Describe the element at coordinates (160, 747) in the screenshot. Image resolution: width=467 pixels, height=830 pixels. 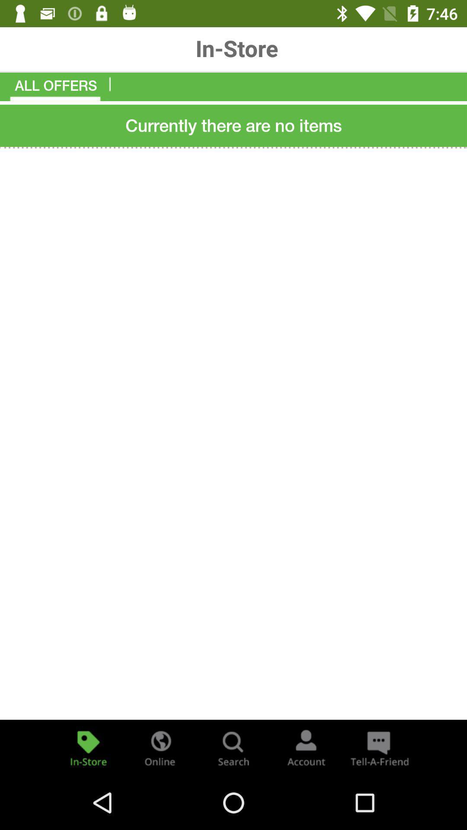
I see `the globe icon` at that location.